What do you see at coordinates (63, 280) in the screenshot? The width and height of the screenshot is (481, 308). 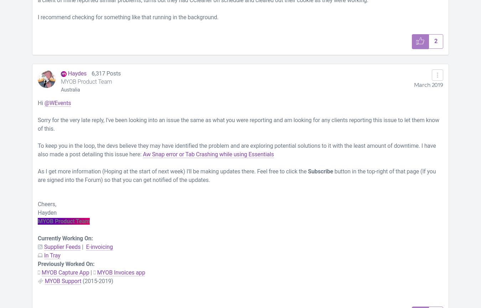 I see `'MYOB Support'` at bounding box center [63, 280].